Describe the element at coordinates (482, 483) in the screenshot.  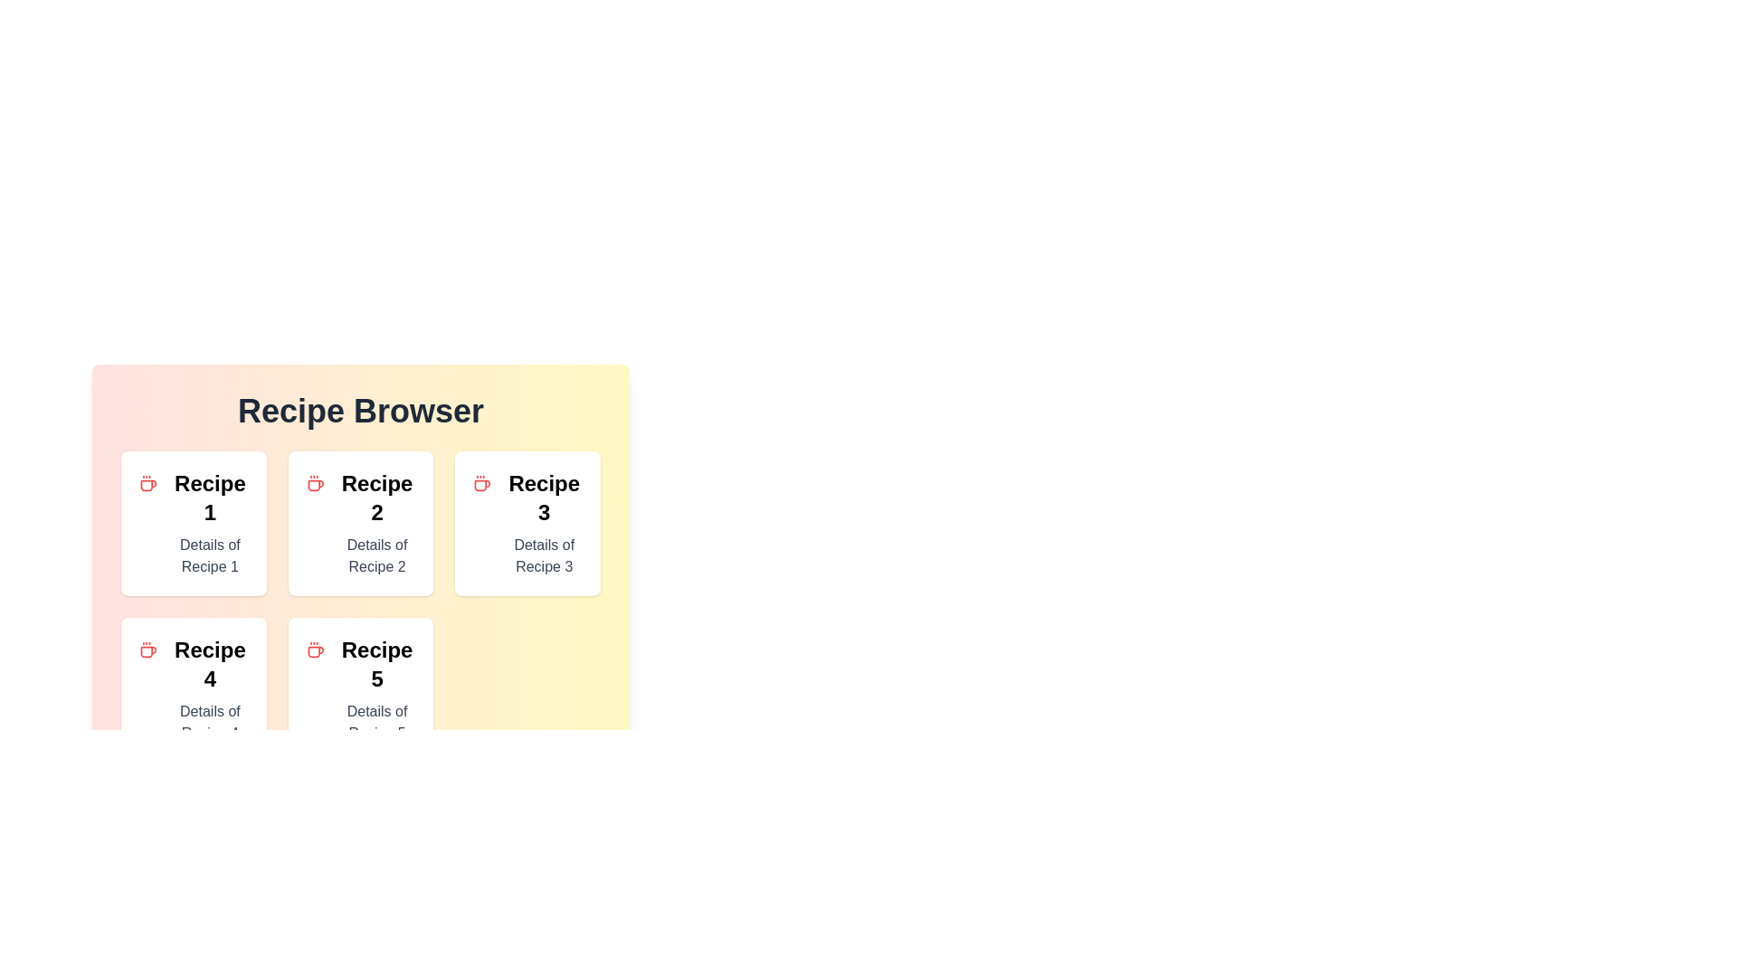
I see `label associated with the coffee-themed icon located in the top-left corner of 'Recipe 3' card, which is the third card in the first row of the recipe grid layout` at that location.